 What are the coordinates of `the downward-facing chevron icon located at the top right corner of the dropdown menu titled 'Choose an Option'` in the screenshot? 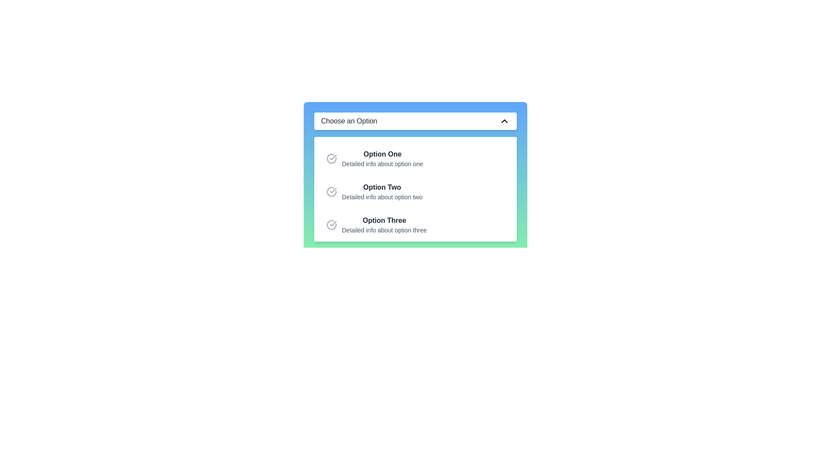 It's located at (504, 121).